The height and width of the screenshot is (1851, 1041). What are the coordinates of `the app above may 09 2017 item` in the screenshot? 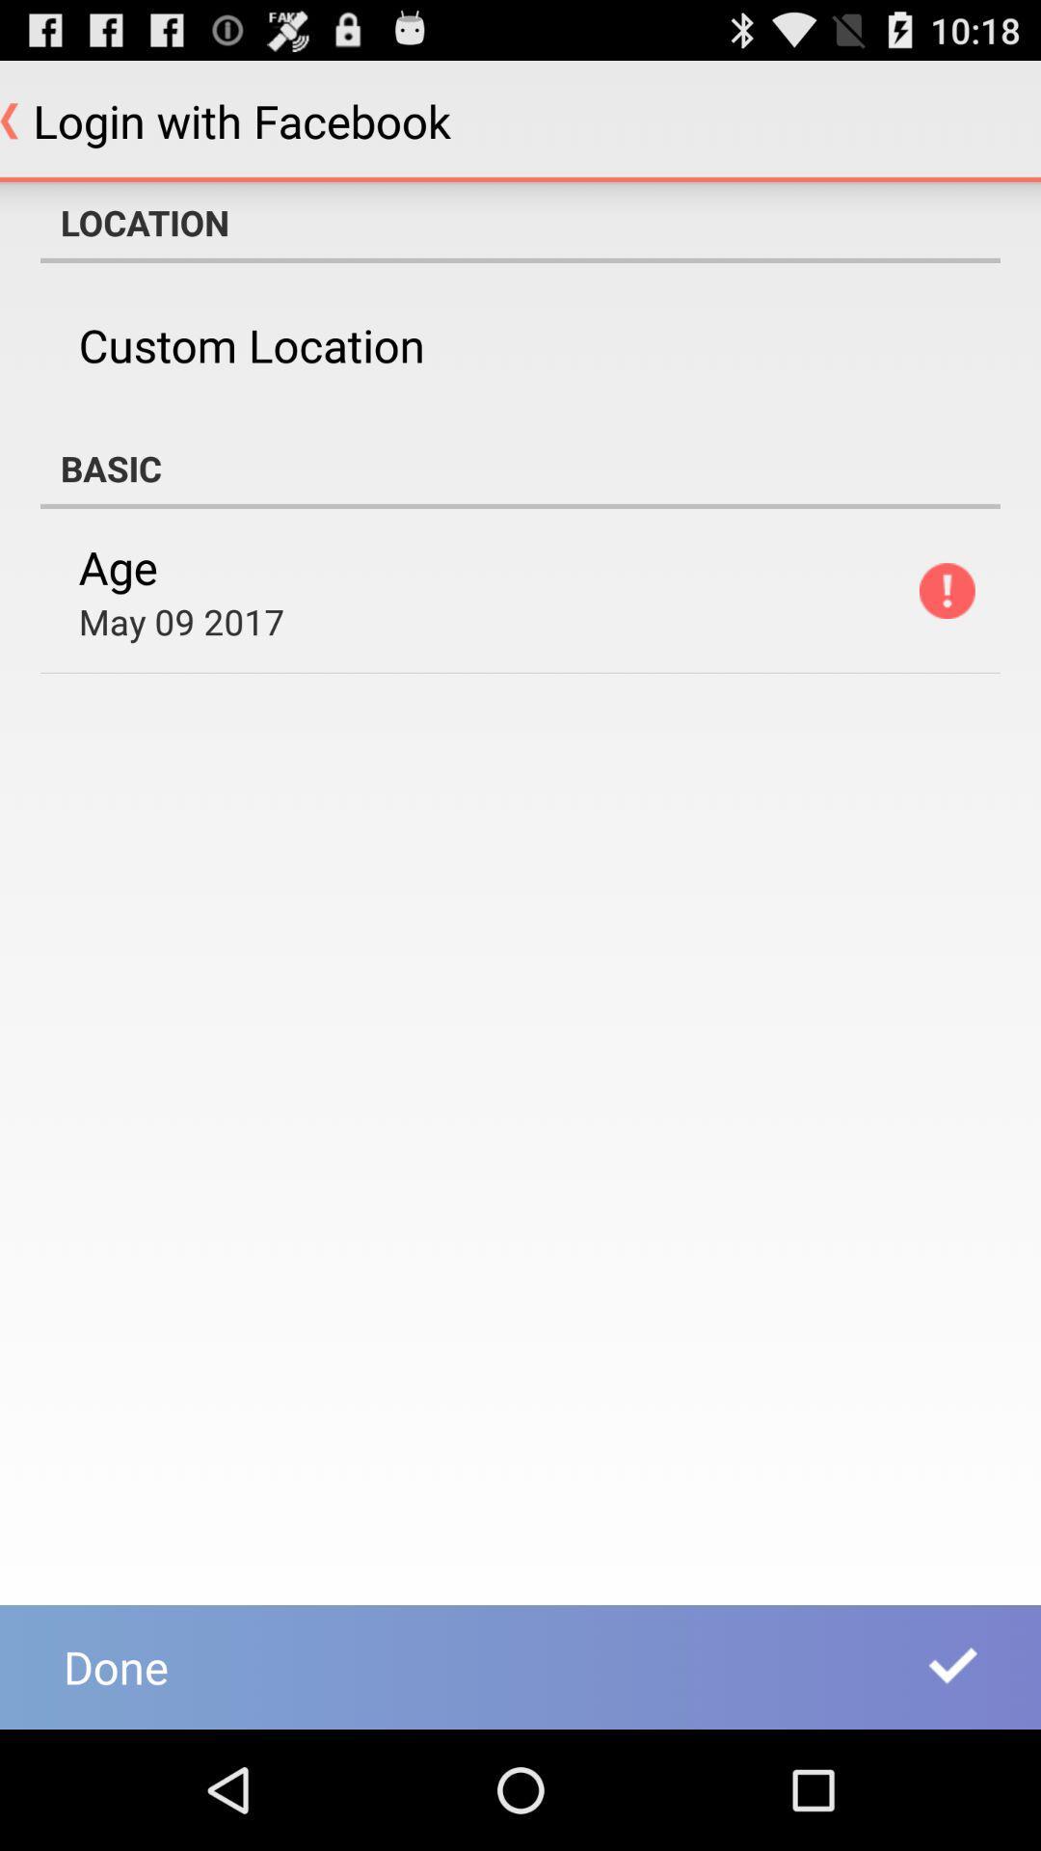 It's located at (118, 566).